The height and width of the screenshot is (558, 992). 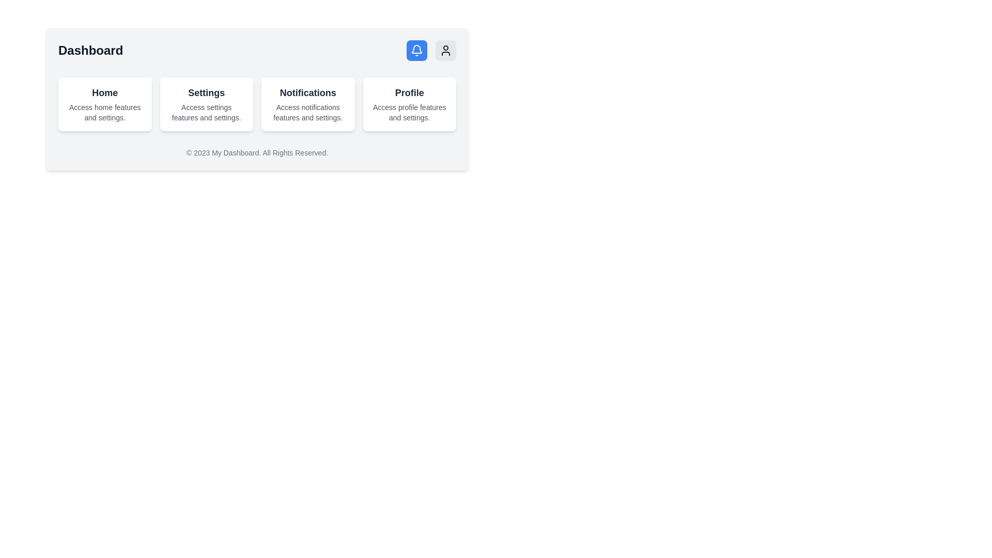 I want to click on the main title text label in the settings card section to potentially highlight it, so click(x=206, y=93).